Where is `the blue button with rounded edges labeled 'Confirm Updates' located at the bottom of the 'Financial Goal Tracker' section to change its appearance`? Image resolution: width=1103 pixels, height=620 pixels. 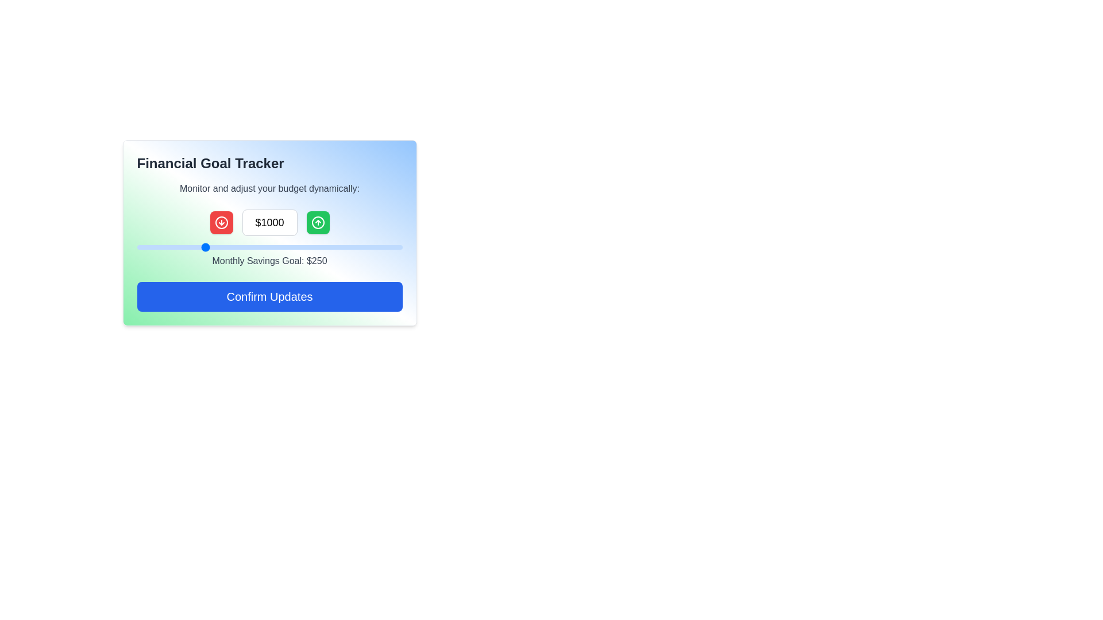
the blue button with rounded edges labeled 'Confirm Updates' located at the bottom of the 'Financial Goal Tracker' section to change its appearance is located at coordinates (269, 296).